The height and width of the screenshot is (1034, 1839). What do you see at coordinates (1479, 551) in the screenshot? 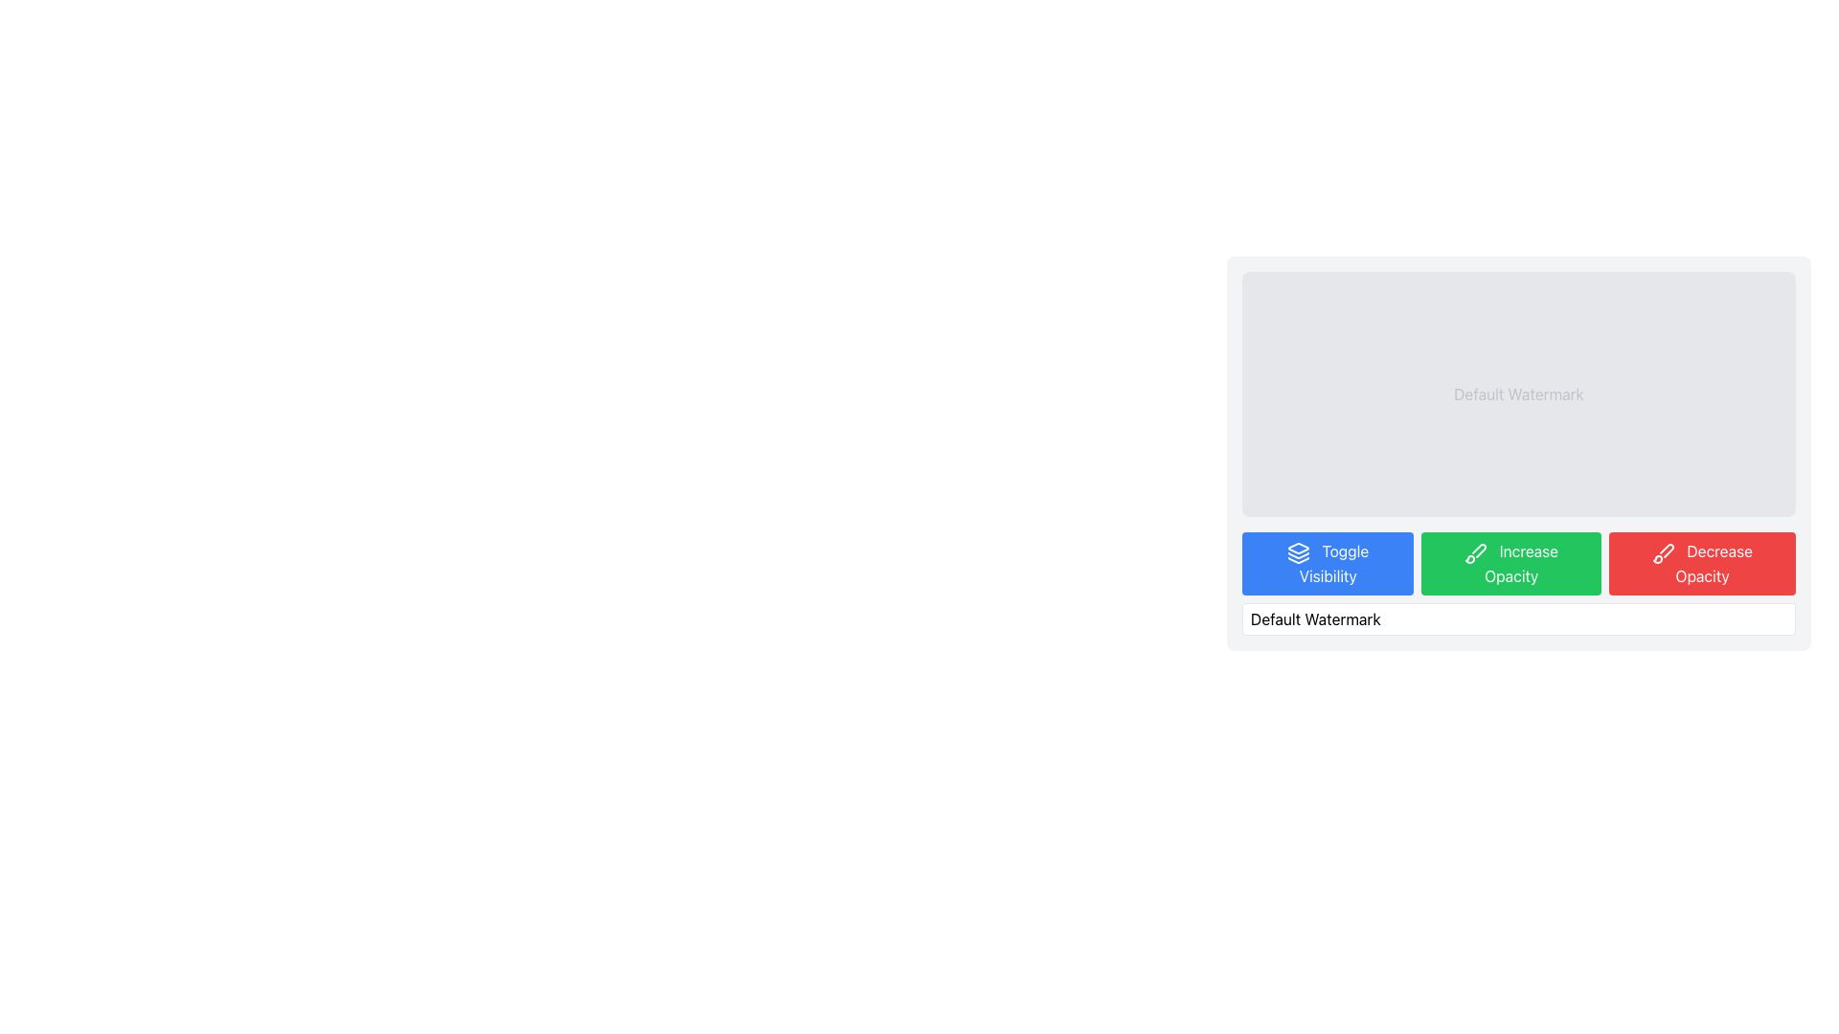
I see `the visual icon located to the right of the green button labeled 'Increase Opacity' in the bottom row of buttons` at bounding box center [1479, 551].